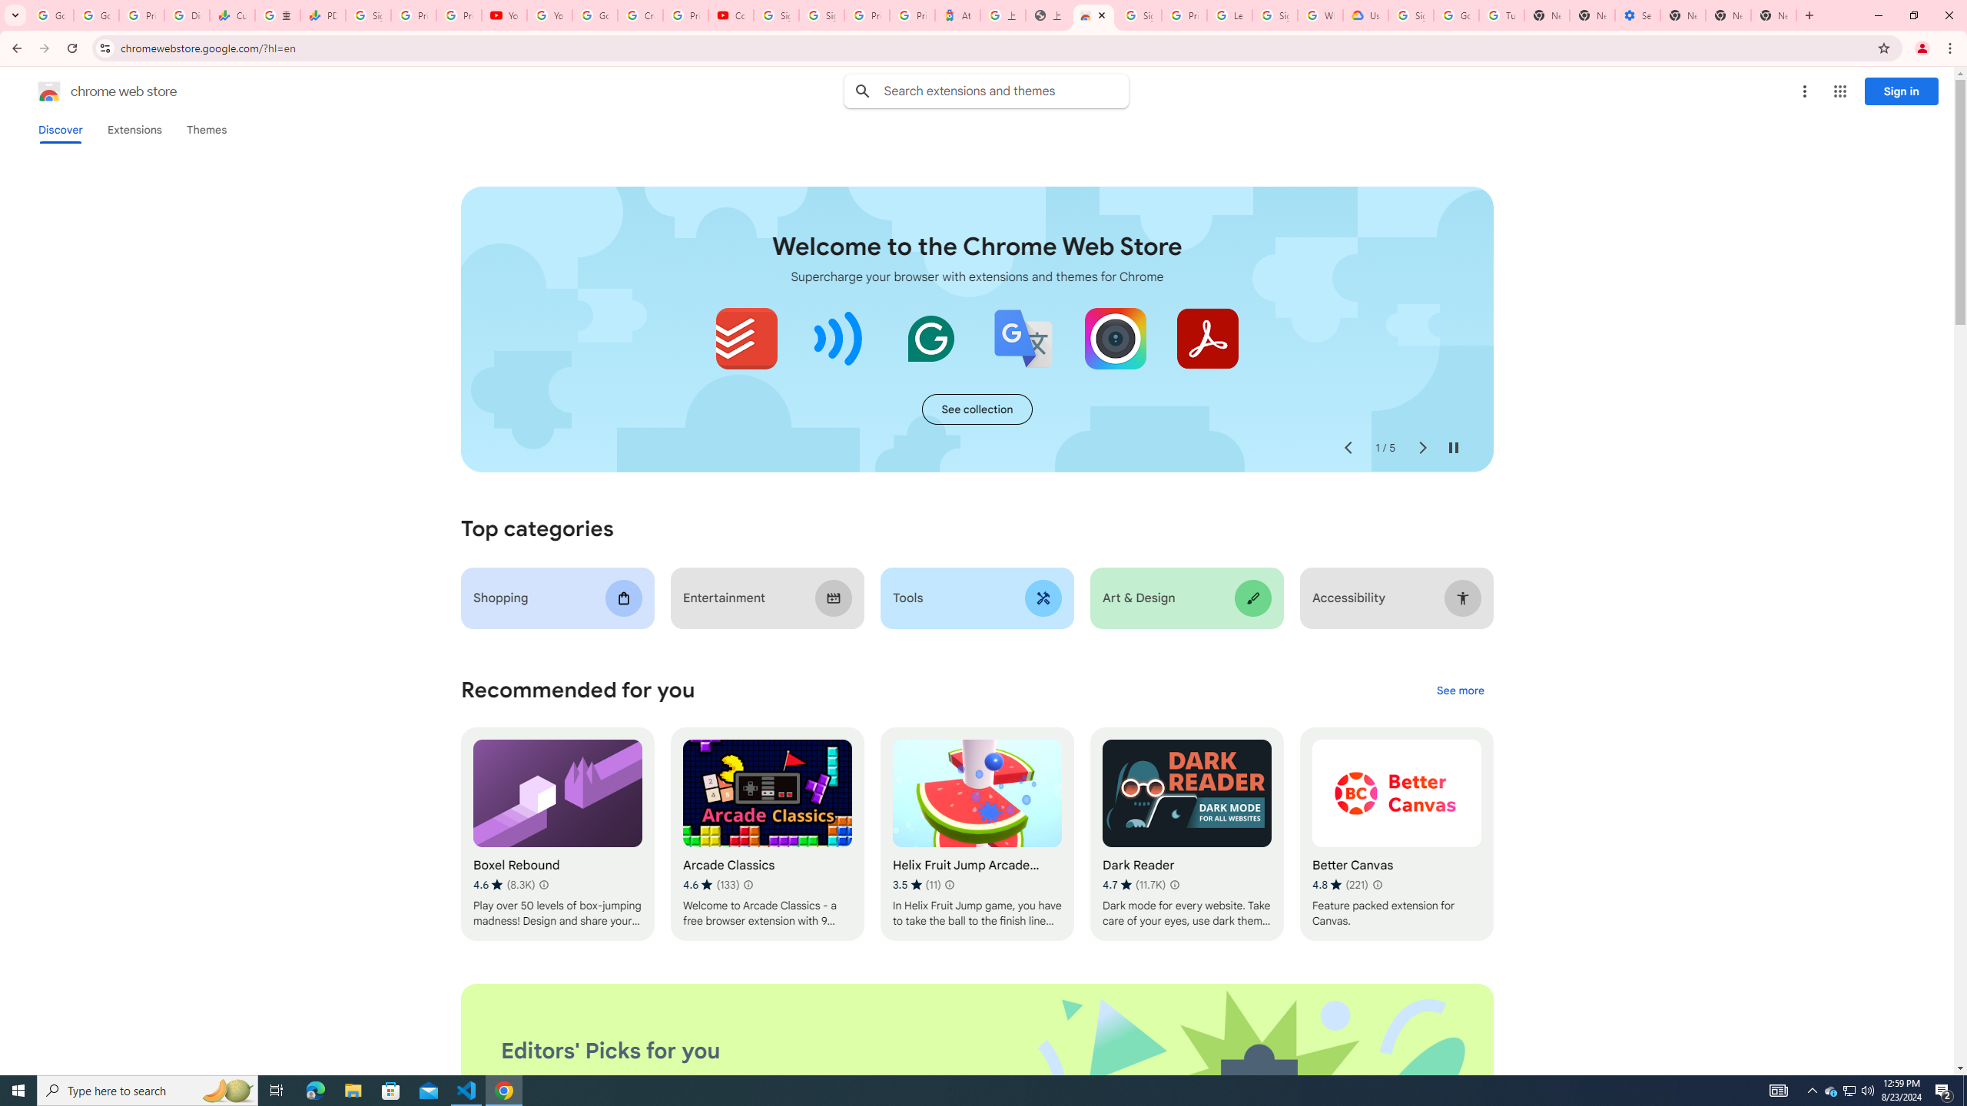 Image resolution: width=1967 pixels, height=1106 pixels. I want to click on 'Turn cookies on or off - Computer - Google Account Help', so click(1501, 15).